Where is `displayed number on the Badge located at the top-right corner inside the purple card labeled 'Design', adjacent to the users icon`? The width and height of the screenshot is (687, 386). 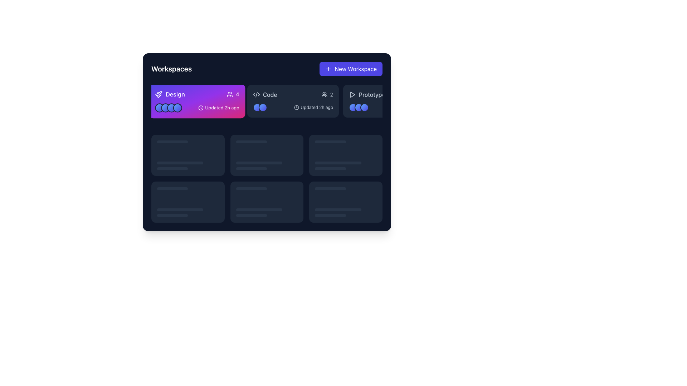 displayed number on the Badge located at the top-right corner inside the purple card labeled 'Design', adjacent to the users icon is located at coordinates (233, 94).